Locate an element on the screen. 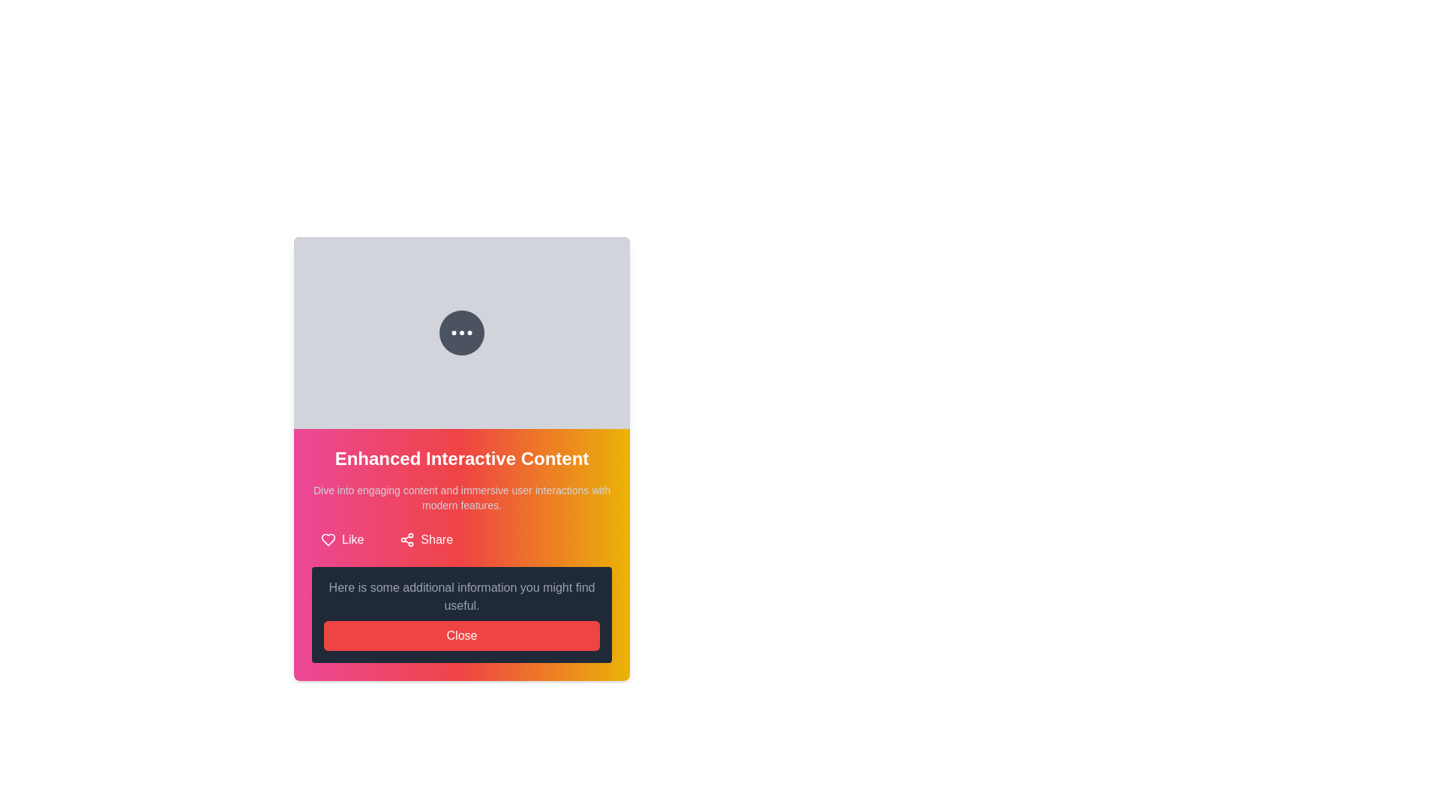 The height and width of the screenshot is (810, 1440). the text component displaying 'Here is some additional information you might find useful.' which is centrally aligned within a dark gray background panel above the red 'Close' button is located at coordinates (460, 595).